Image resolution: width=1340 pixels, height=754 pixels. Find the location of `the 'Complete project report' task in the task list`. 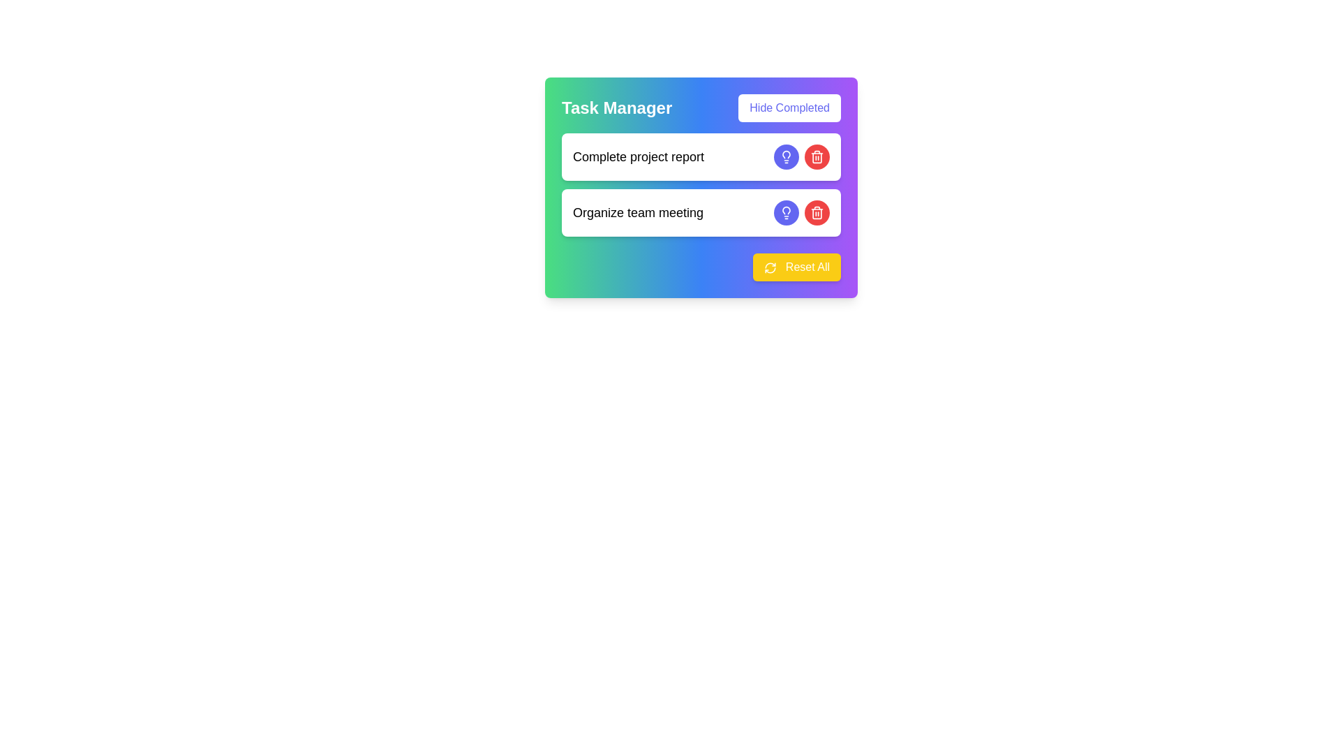

the 'Complete project report' task in the task list is located at coordinates (701, 184).